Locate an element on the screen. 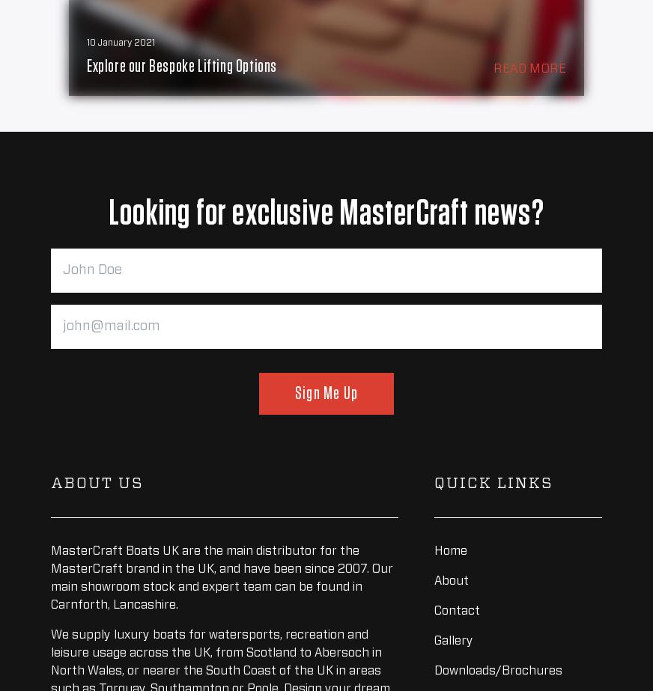 This screenshot has height=691, width=653. '10 January 2021' is located at coordinates (121, 43).